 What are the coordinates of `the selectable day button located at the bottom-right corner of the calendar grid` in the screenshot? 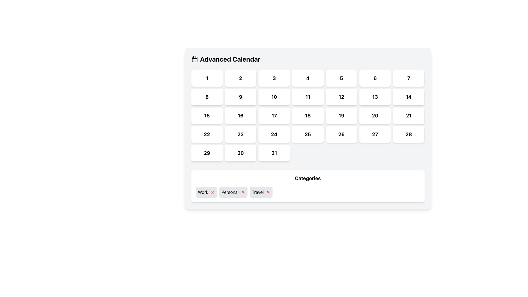 It's located at (274, 153).